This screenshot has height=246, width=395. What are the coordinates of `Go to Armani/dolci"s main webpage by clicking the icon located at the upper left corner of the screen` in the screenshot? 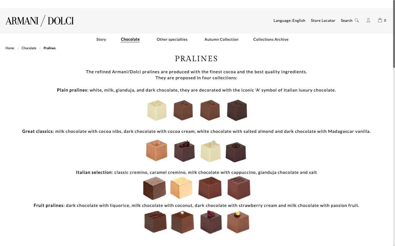 It's located at (39, 20).